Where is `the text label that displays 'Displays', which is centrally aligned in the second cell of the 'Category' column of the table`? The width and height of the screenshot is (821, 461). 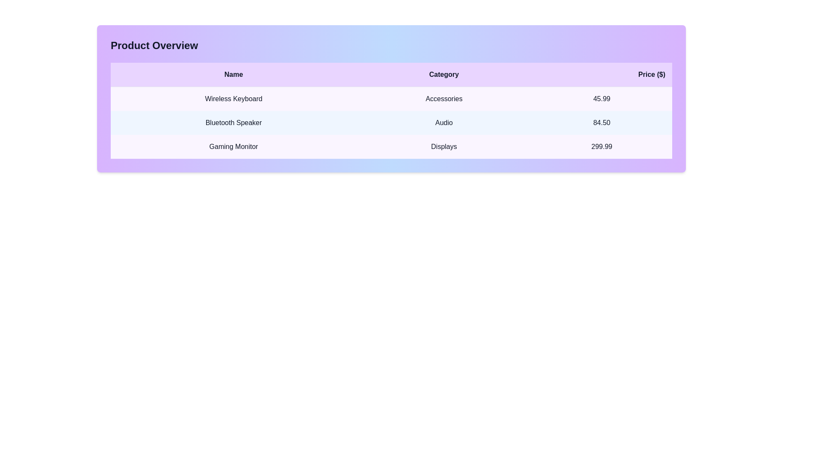
the text label that displays 'Displays', which is centrally aligned in the second cell of the 'Category' column of the table is located at coordinates (444, 146).